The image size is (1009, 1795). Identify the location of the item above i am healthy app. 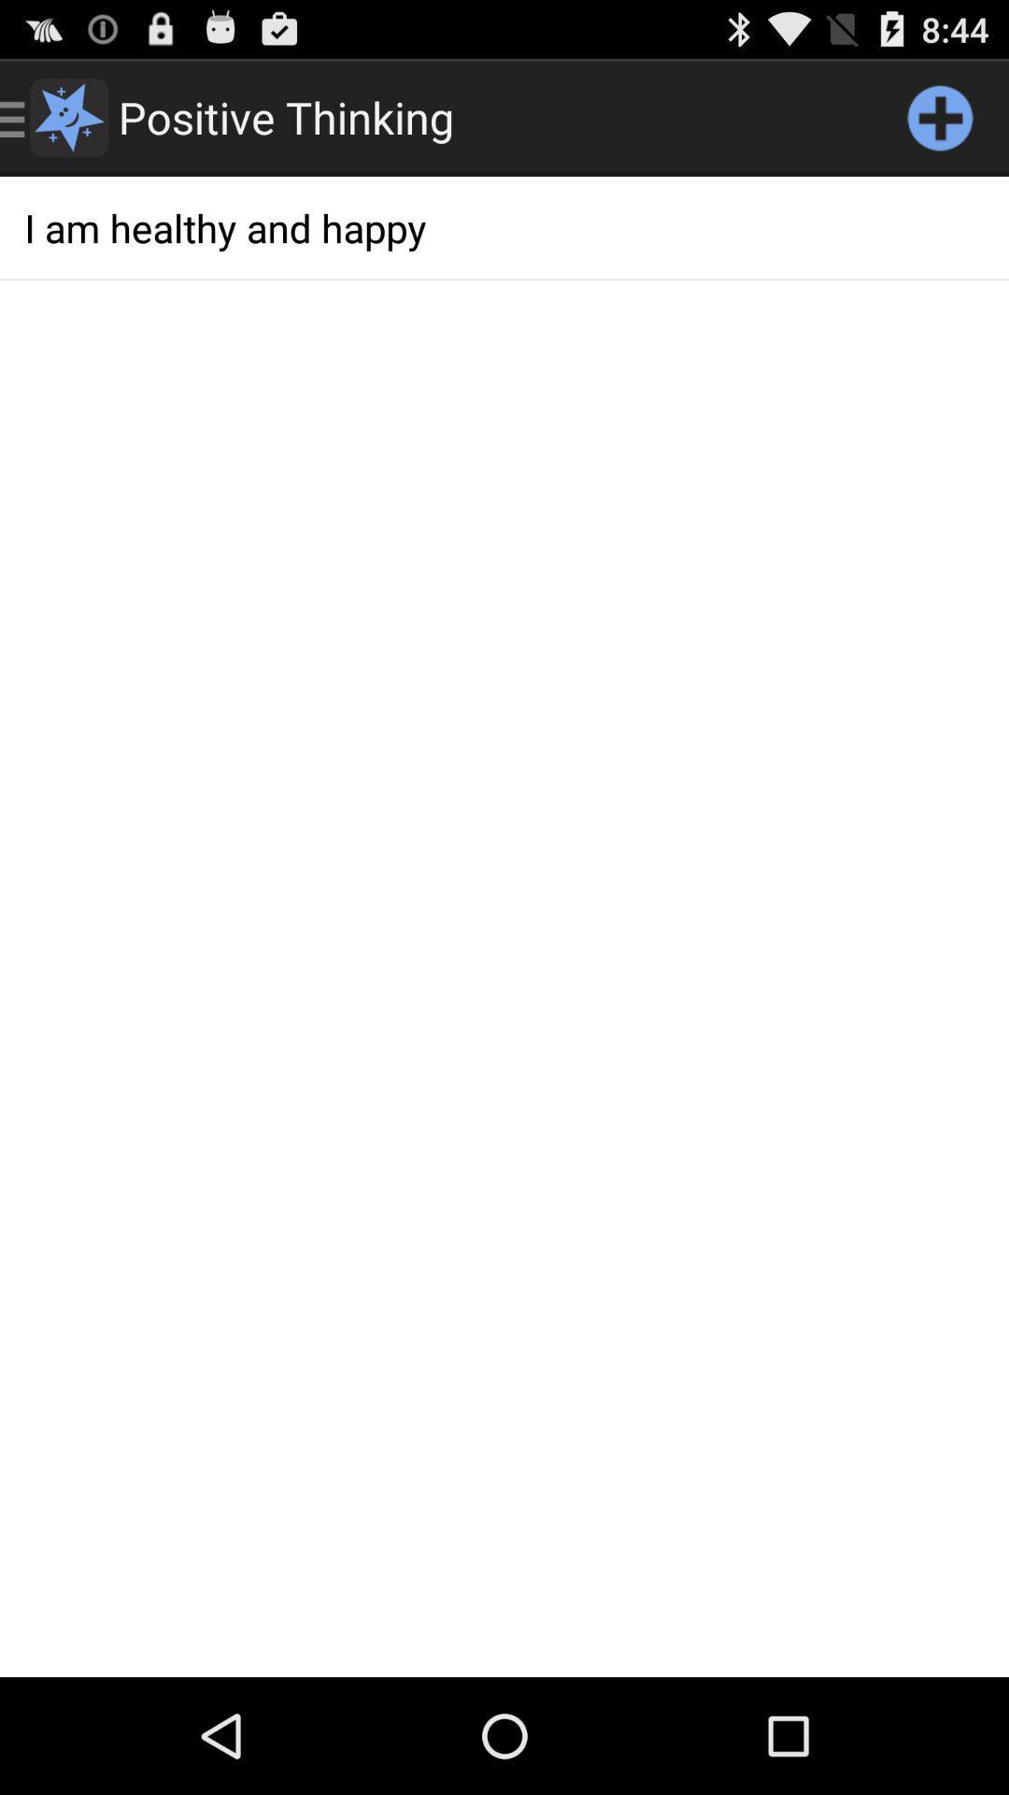
(940, 116).